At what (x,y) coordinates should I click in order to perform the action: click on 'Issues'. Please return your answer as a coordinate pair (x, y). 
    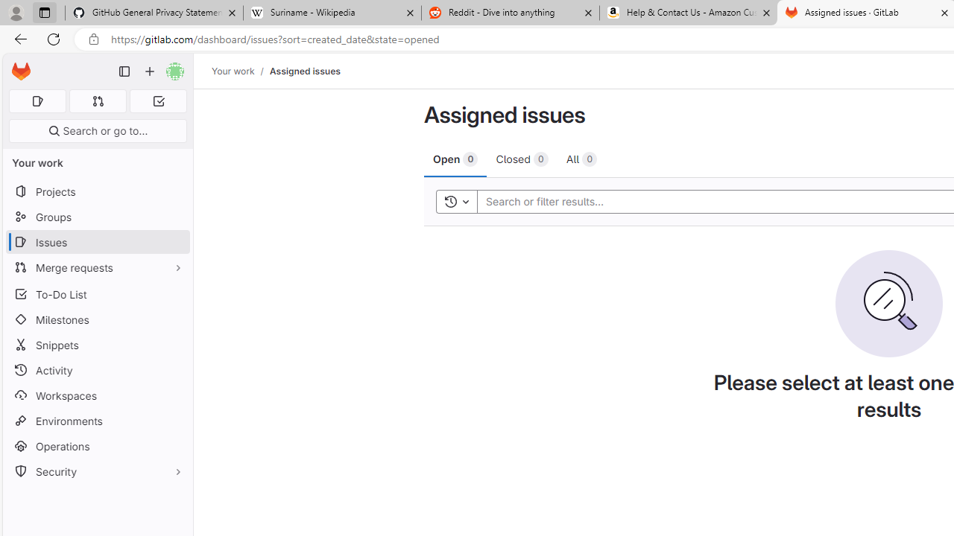
    Looking at the image, I should click on (97, 241).